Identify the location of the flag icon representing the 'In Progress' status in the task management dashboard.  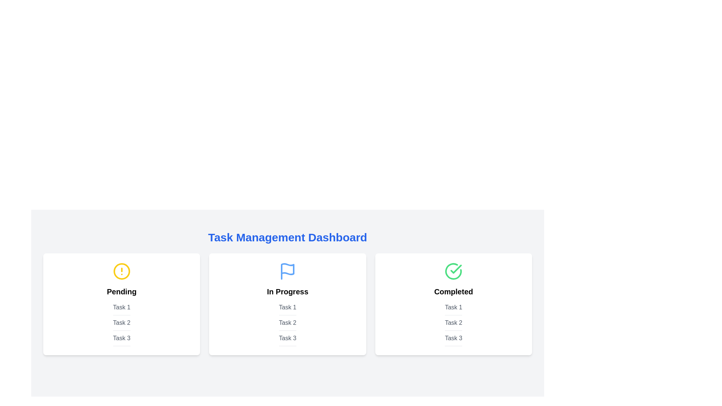
(287, 269).